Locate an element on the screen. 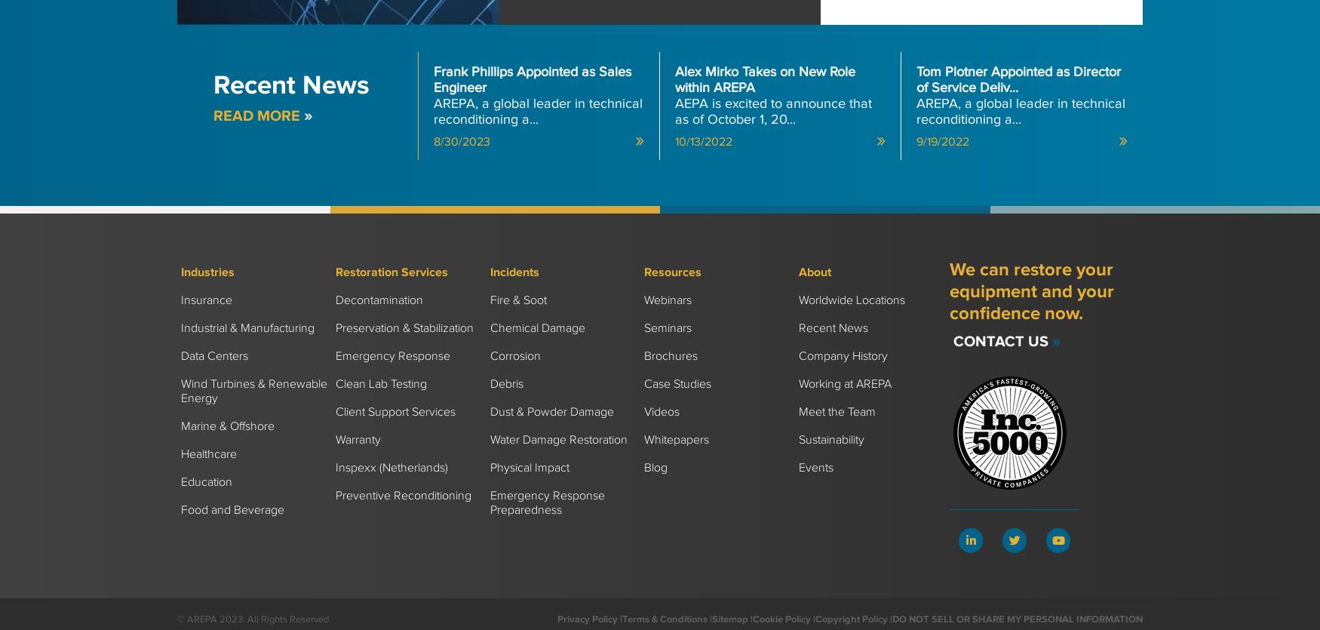  'Tom Plotner Appointed as Director of Service Deliv...' is located at coordinates (916, 78).